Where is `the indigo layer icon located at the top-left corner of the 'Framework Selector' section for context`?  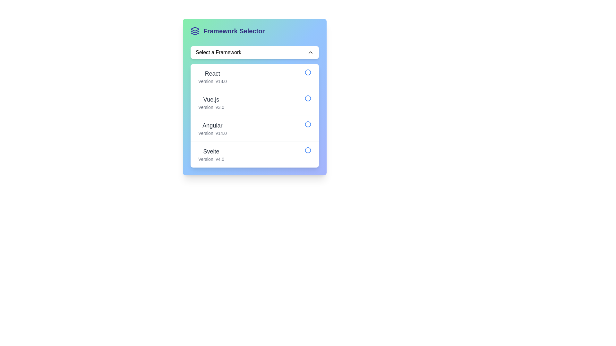 the indigo layer icon located at the top-left corner of the 'Framework Selector' section for context is located at coordinates (195, 31).